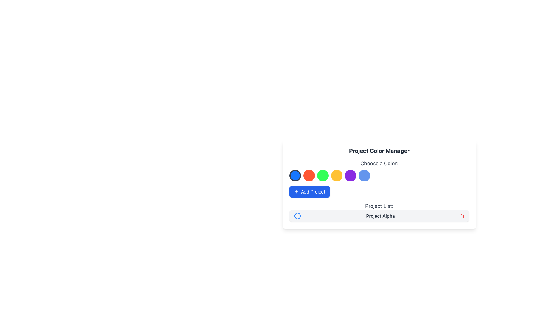 The image size is (553, 311). What do you see at coordinates (379, 206) in the screenshot?
I see `the 'Project List:' text label, which is a medium-weight gray text component positioned between the 'Choose a Color:' section and the 'Project Alpha' list item` at bounding box center [379, 206].